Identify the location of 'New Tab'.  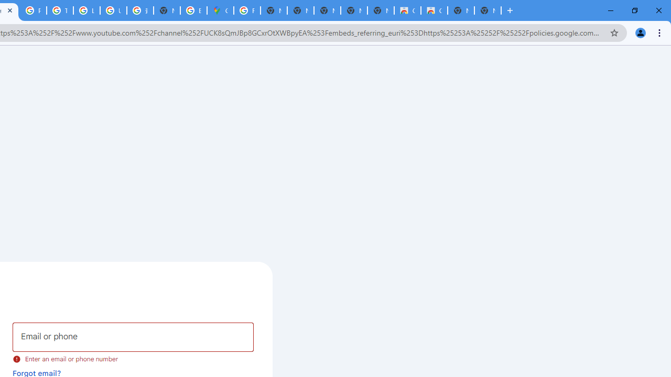
(487, 10).